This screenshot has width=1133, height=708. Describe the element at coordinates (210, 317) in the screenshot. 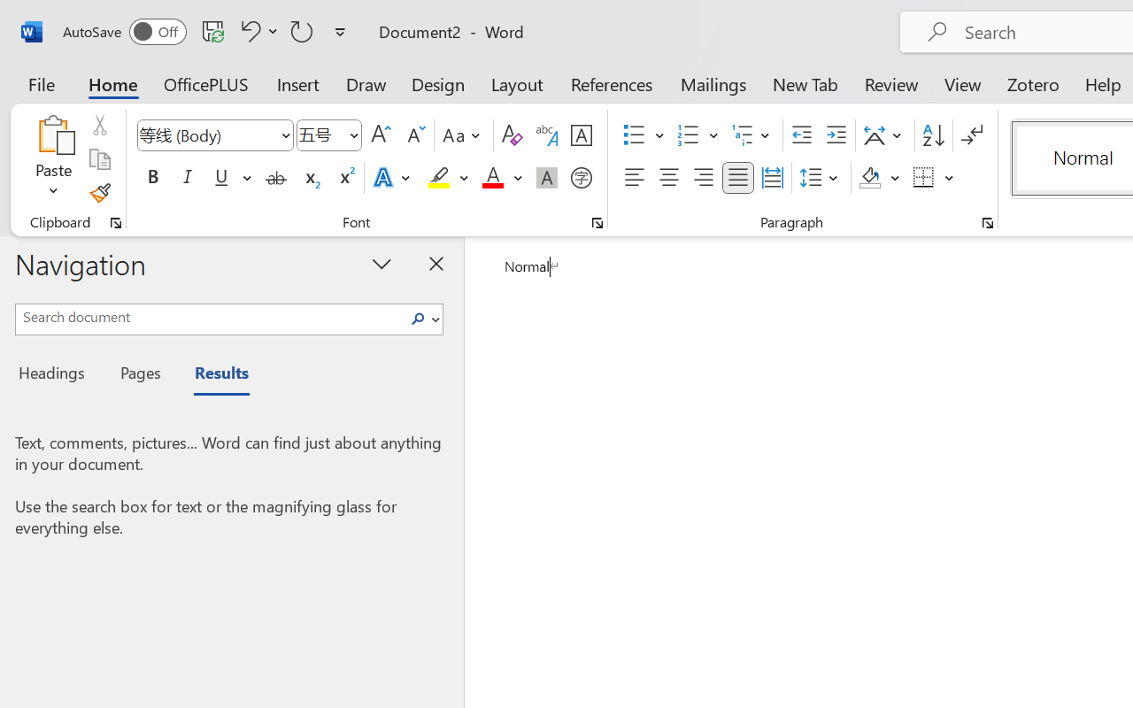

I see `'Search document'` at that location.